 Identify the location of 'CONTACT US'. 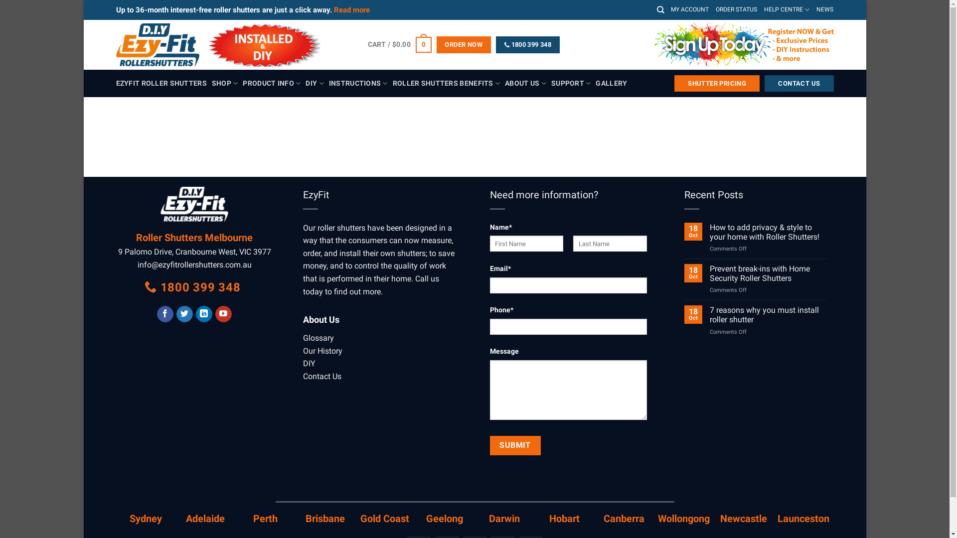
(799, 83).